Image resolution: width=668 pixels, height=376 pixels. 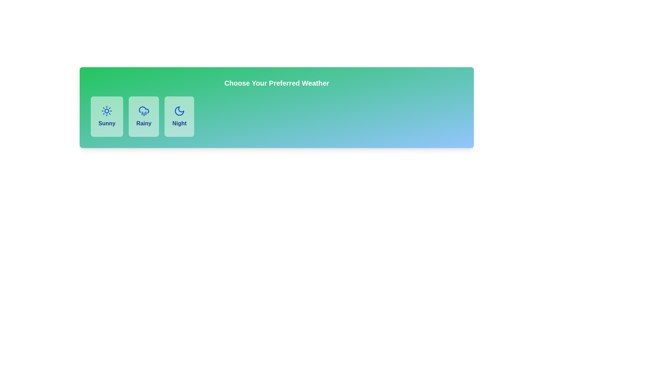 I want to click on the 'Rainy' button, so click(x=143, y=116).